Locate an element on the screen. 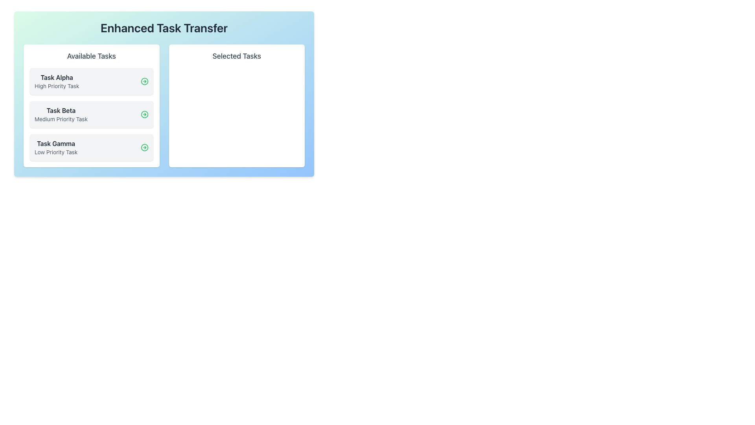 The image size is (755, 425). the green circular button in the second task item of the 'Available Tasks' list to mark or select the task is located at coordinates (91, 114).